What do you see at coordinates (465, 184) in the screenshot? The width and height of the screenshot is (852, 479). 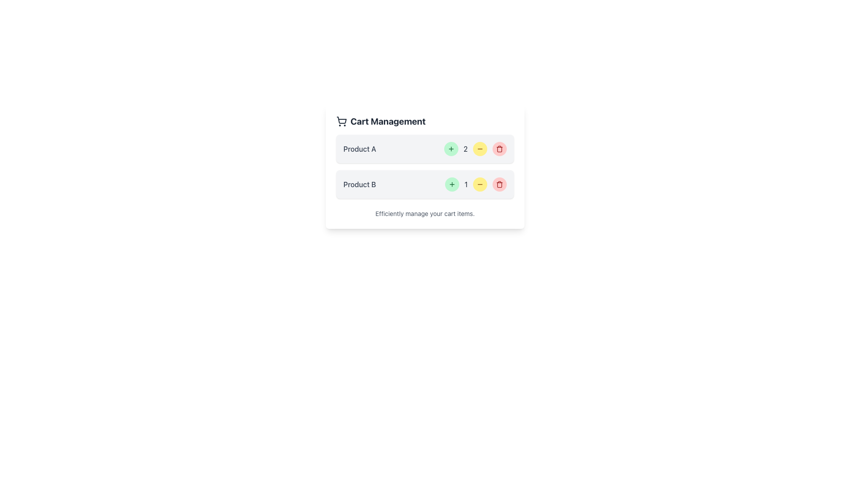 I see `numeric value displayed in the bold, dark-gray Static Text Label showing '1', located under the 'Product B' section between the green and yellow circular buttons` at bounding box center [465, 184].